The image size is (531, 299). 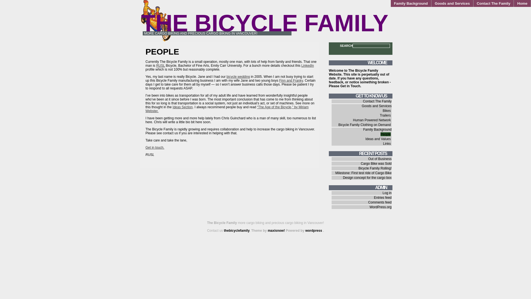 What do you see at coordinates (513, 3) in the screenshot?
I see `'Home'` at bounding box center [513, 3].